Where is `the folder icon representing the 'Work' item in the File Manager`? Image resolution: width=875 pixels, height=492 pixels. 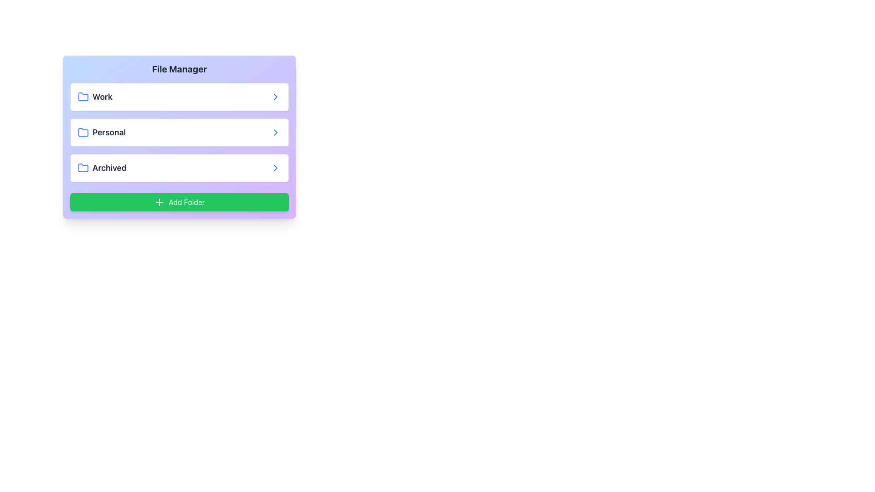 the folder icon representing the 'Work' item in the File Manager is located at coordinates (83, 97).